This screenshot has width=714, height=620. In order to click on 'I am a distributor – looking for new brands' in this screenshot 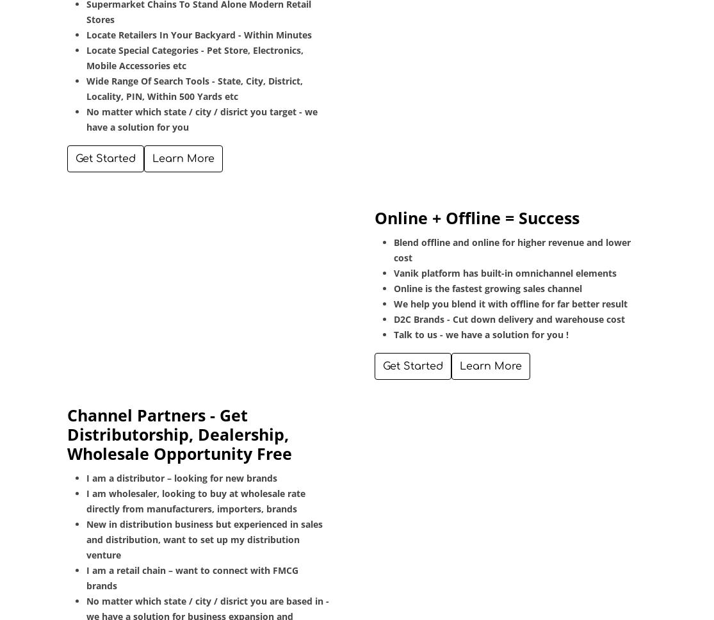, I will do `click(181, 477)`.